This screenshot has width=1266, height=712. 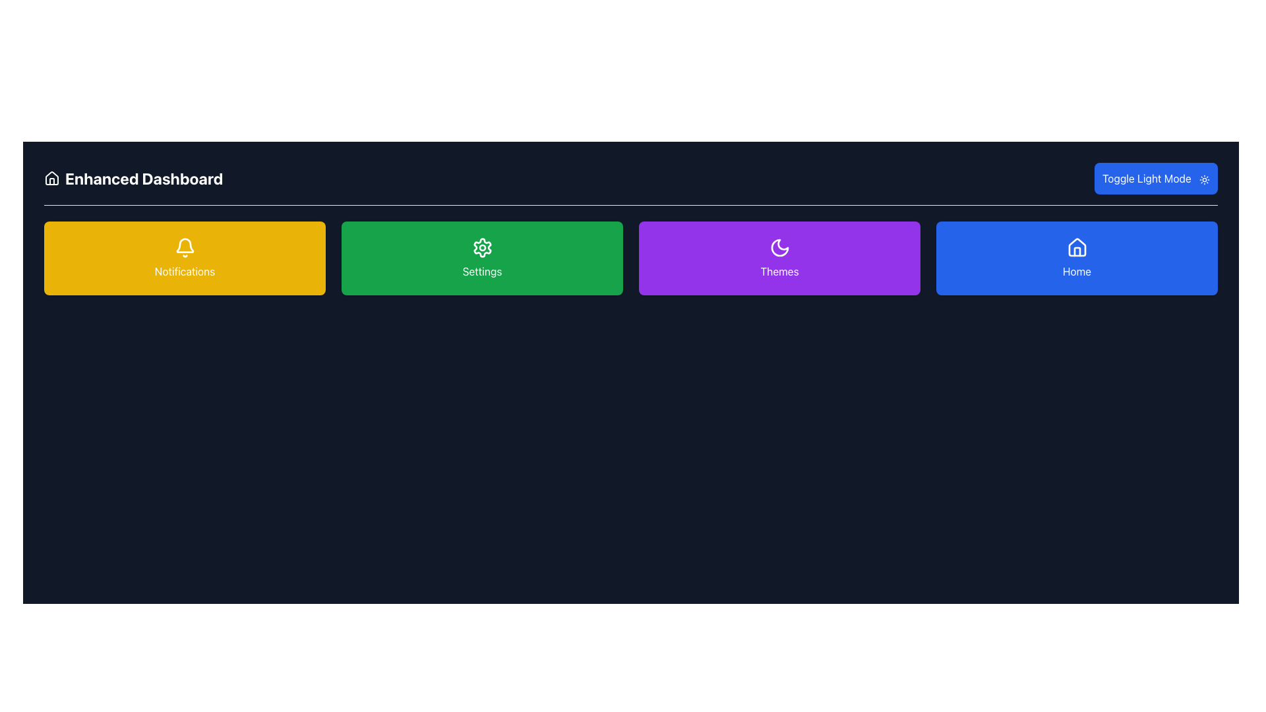 What do you see at coordinates (779, 247) in the screenshot?
I see `the themes icon located at the top-center of the purple button labeled 'Themes', which is the third button in a row of buttons` at bounding box center [779, 247].